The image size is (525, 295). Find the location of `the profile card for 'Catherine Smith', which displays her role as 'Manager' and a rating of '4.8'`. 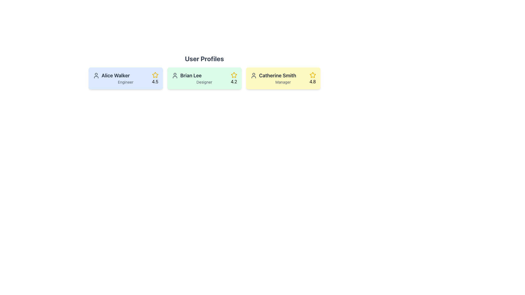

the profile card for 'Catherine Smith', which displays her role as 'Manager' and a rating of '4.8' is located at coordinates (283, 78).